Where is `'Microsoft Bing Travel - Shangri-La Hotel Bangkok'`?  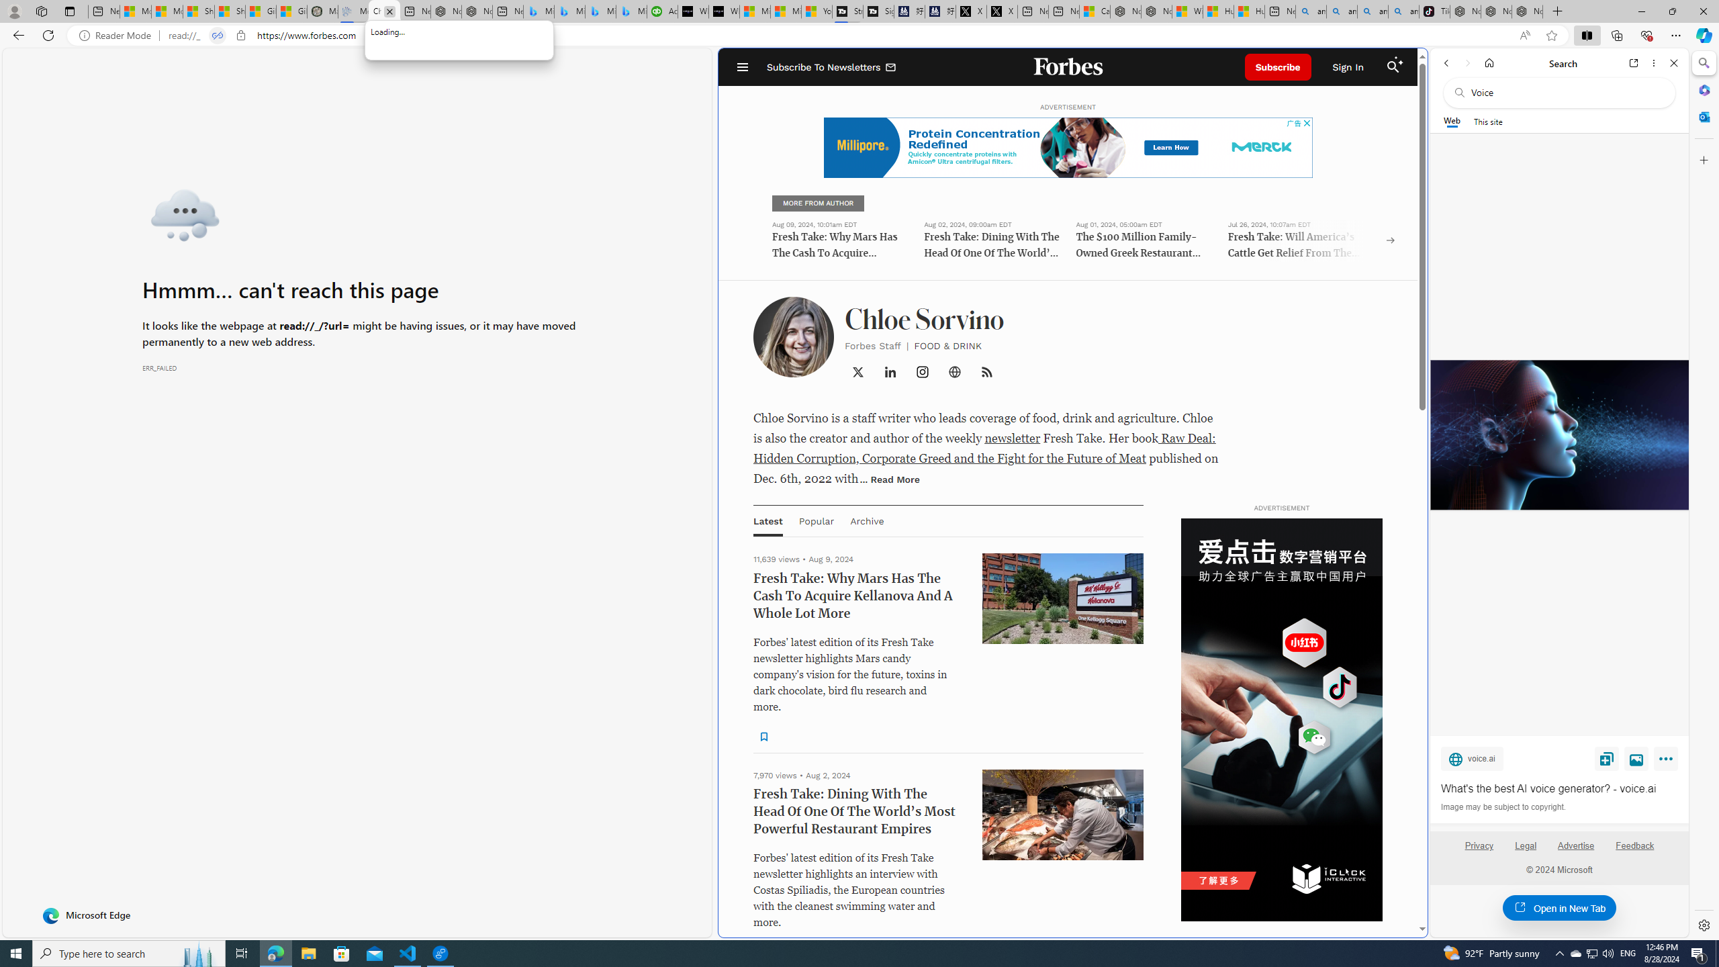 'Microsoft Bing Travel - Shangri-La Hotel Bangkok' is located at coordinates (631, 11).